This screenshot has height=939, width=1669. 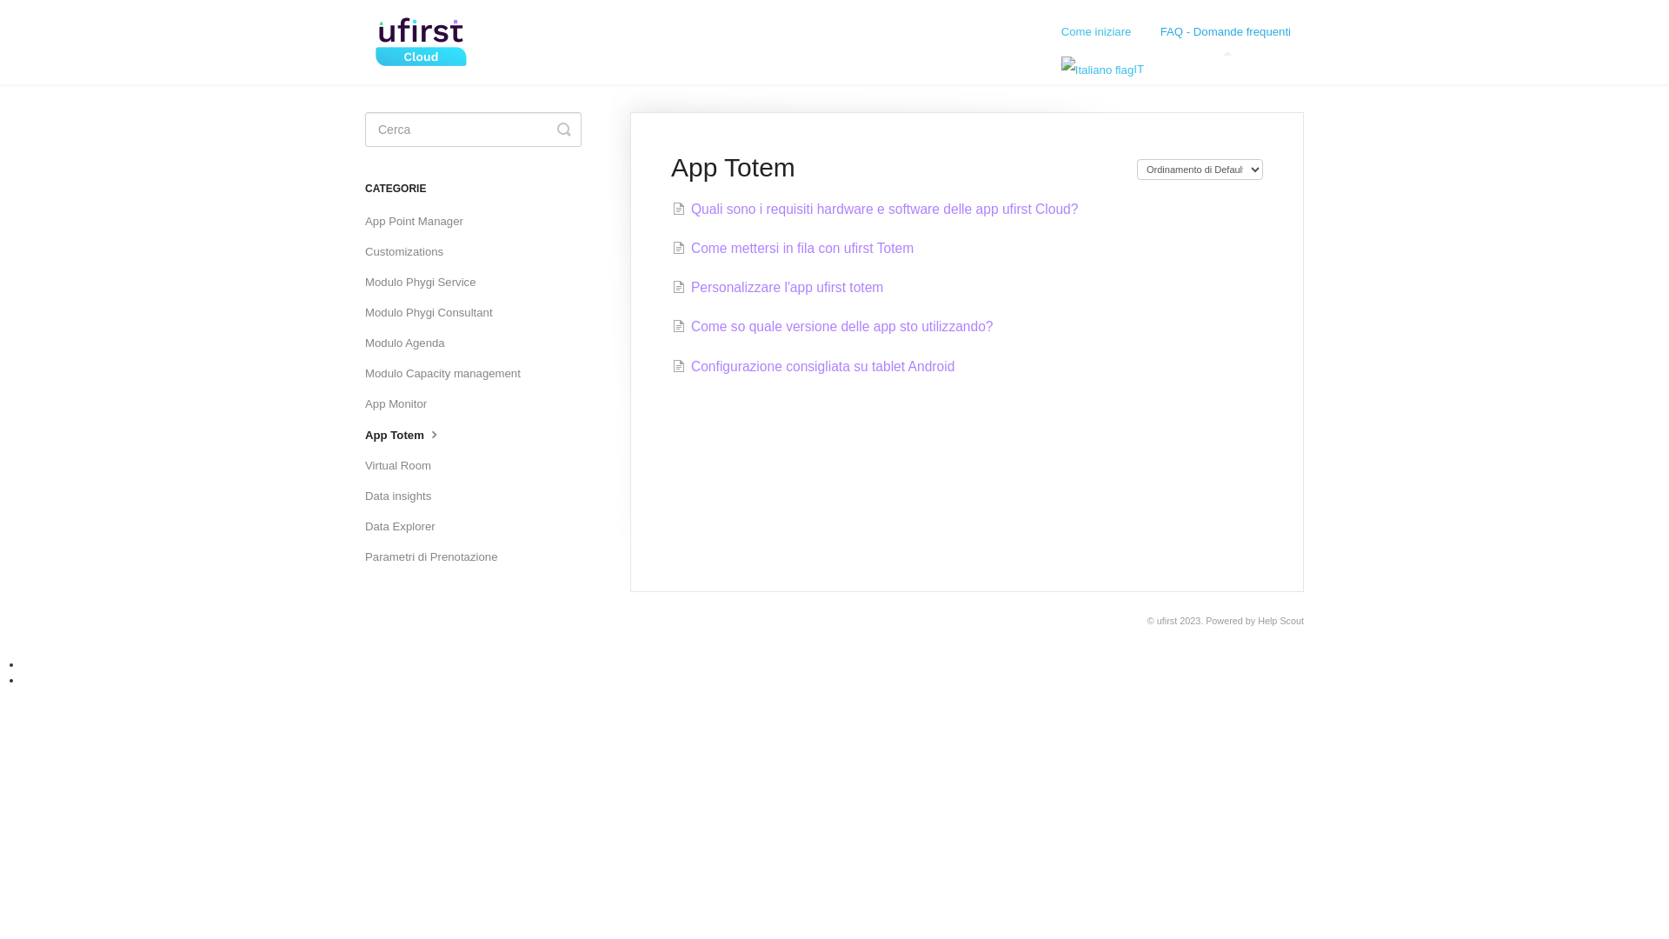 I want to click on 'Modulo Phygi Service', so click(x=364, y=281).